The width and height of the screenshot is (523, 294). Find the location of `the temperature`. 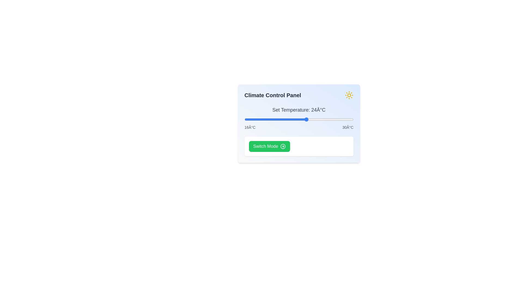

the temperature is located at coordinates (291, 119).